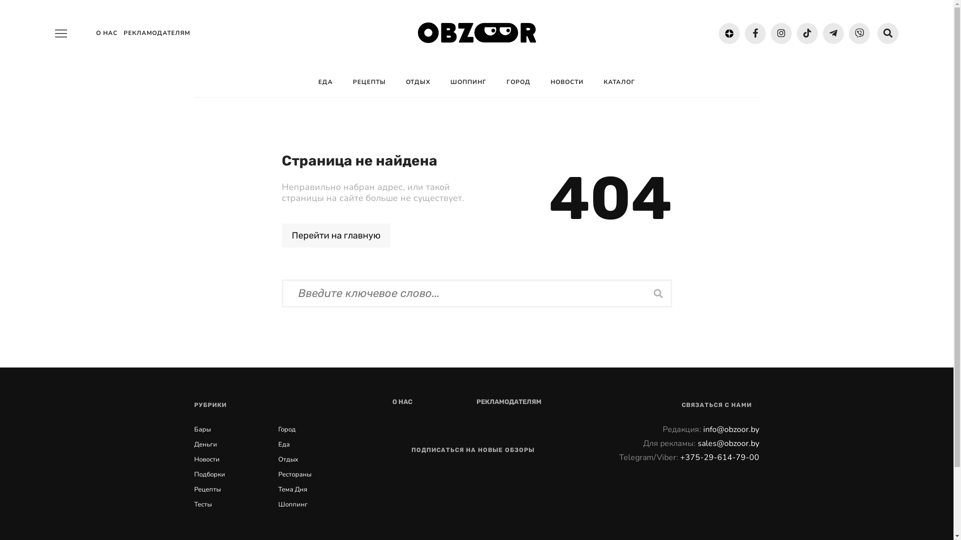 This screenshot has width=961, height=540. Describe the element at coordinates (731, 429) in the screenshot. I see `'info@obzoor.by'` at that location.